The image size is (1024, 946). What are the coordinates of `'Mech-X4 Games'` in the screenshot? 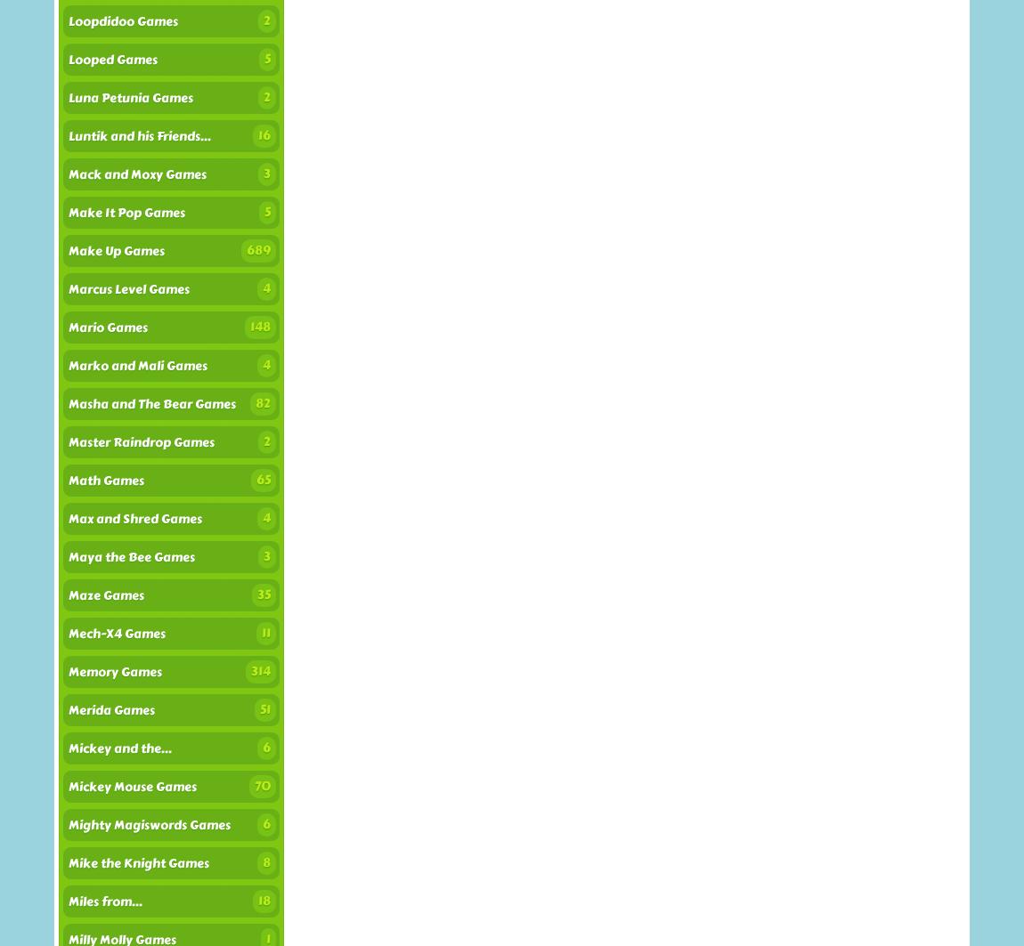 It's located at (116, 633).